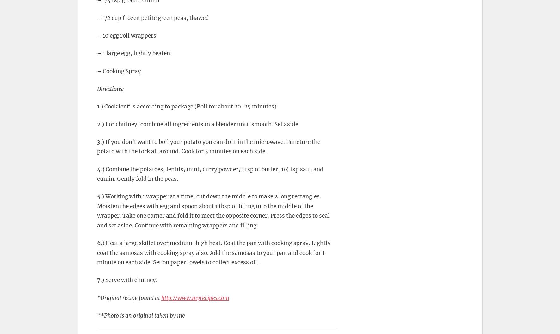 The width and height of the screenshot is (560, 334). I want to click on '– 1 large egg, lightly beaten', so click(133, 53).